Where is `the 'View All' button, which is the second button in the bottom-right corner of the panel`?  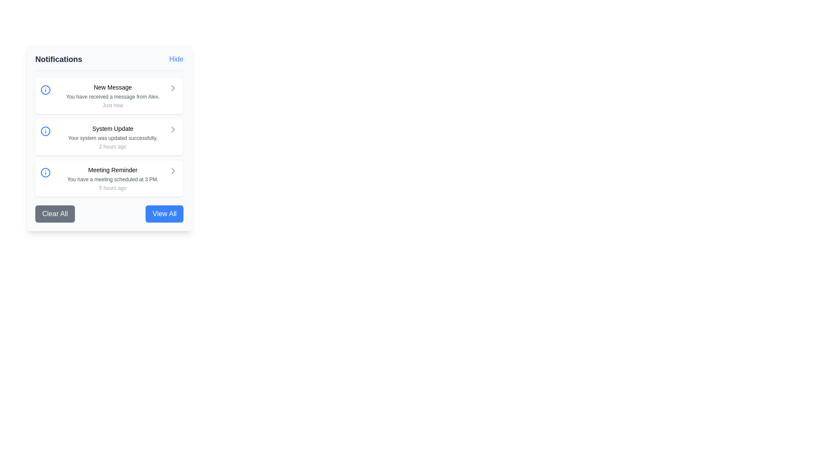
the 'View All' button, which is the second button in the bottom-right corner of the panel is located at coordinates (165, 214).